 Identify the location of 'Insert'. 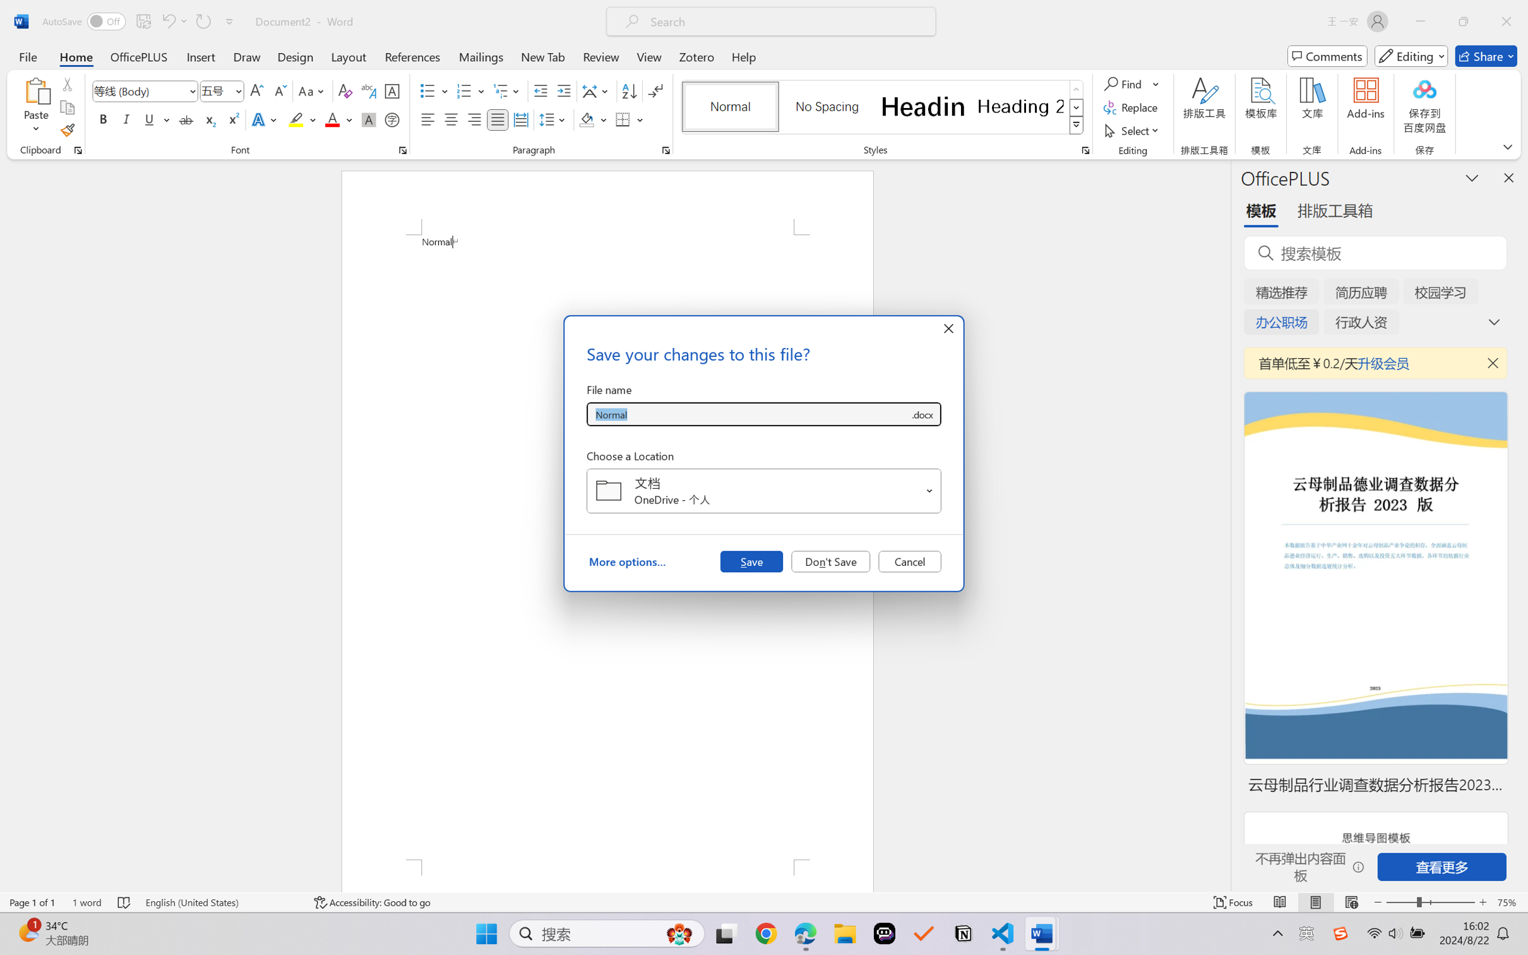
(200, 56).